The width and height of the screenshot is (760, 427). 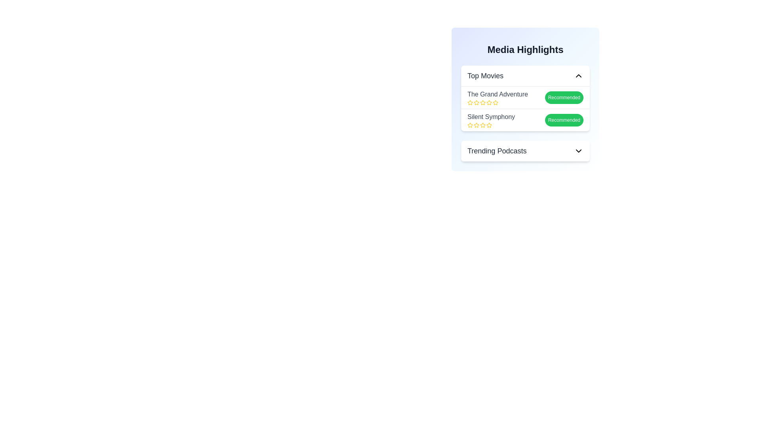 What do you see at coordinates (579, 76) in the screenshot?
I see `the expand/collapse button for the category Top Movies` at bounding box center [579, 76].